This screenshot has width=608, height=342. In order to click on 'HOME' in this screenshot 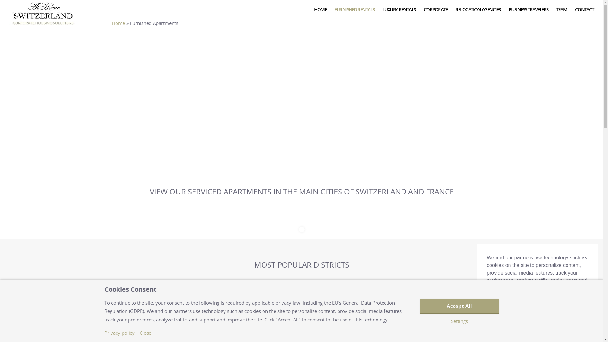, I will do `click(320, 9)`.